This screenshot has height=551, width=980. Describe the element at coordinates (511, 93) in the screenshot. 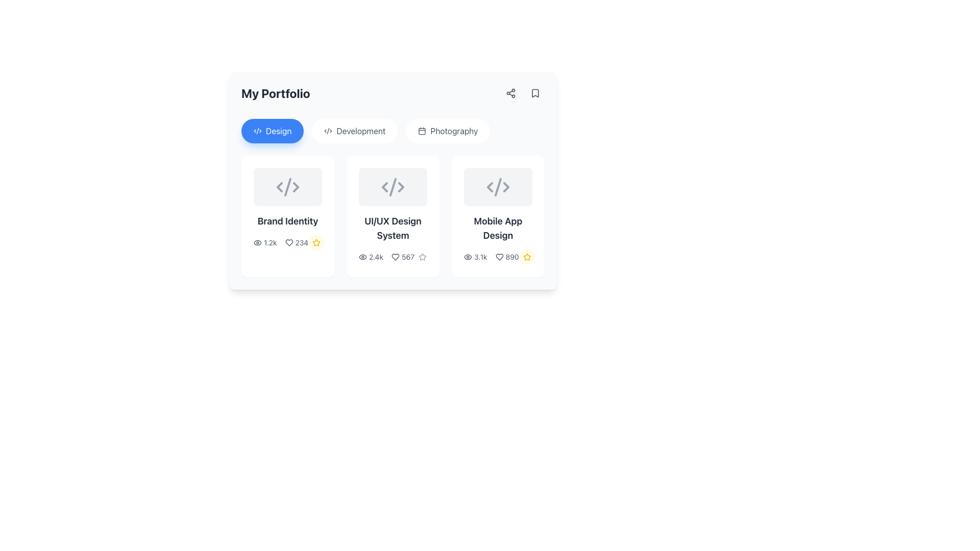

I see `the share button located at the top-right corner of the 'My Portfolio' section, which is the first button in a horizontal layout, positioned to the left of a bookmark icon button` at that location.